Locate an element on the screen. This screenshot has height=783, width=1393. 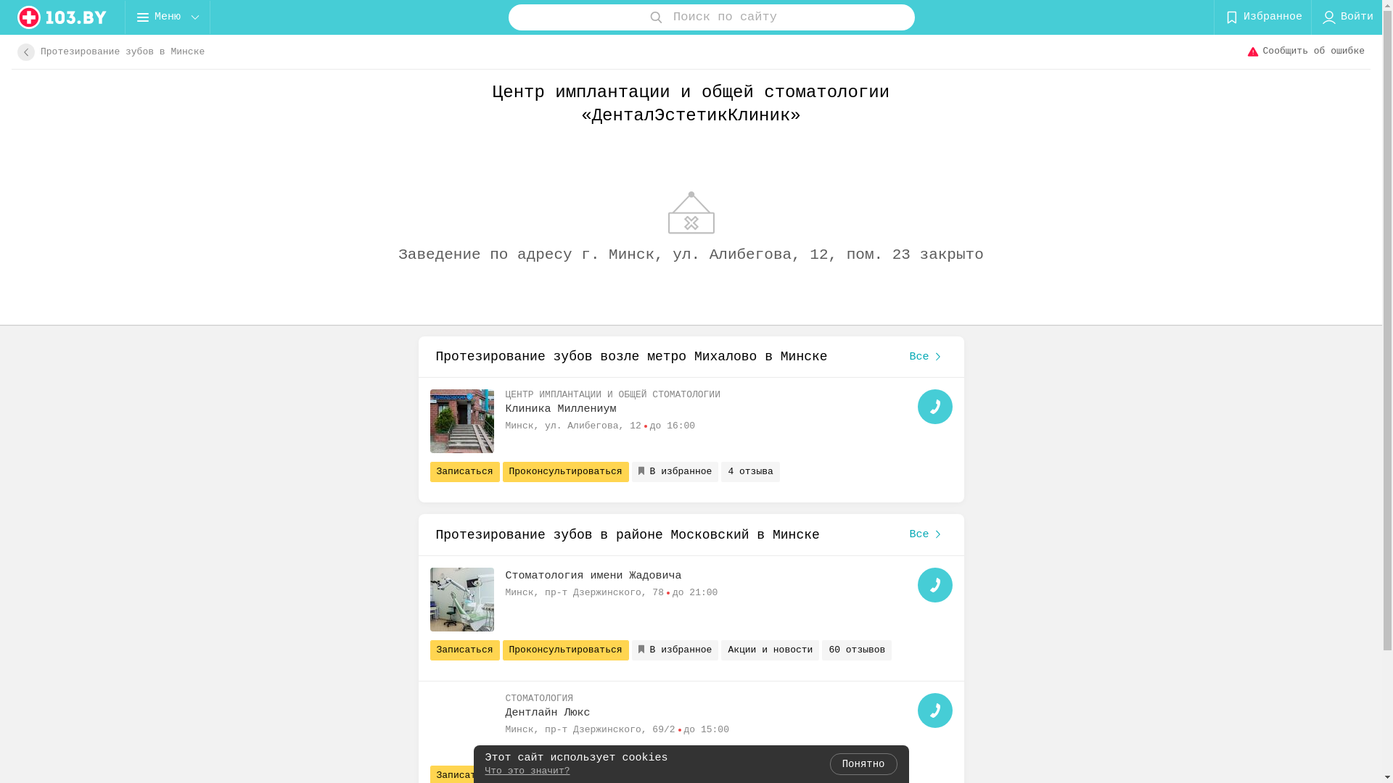
'logo' is located at coordinates (62, 17).